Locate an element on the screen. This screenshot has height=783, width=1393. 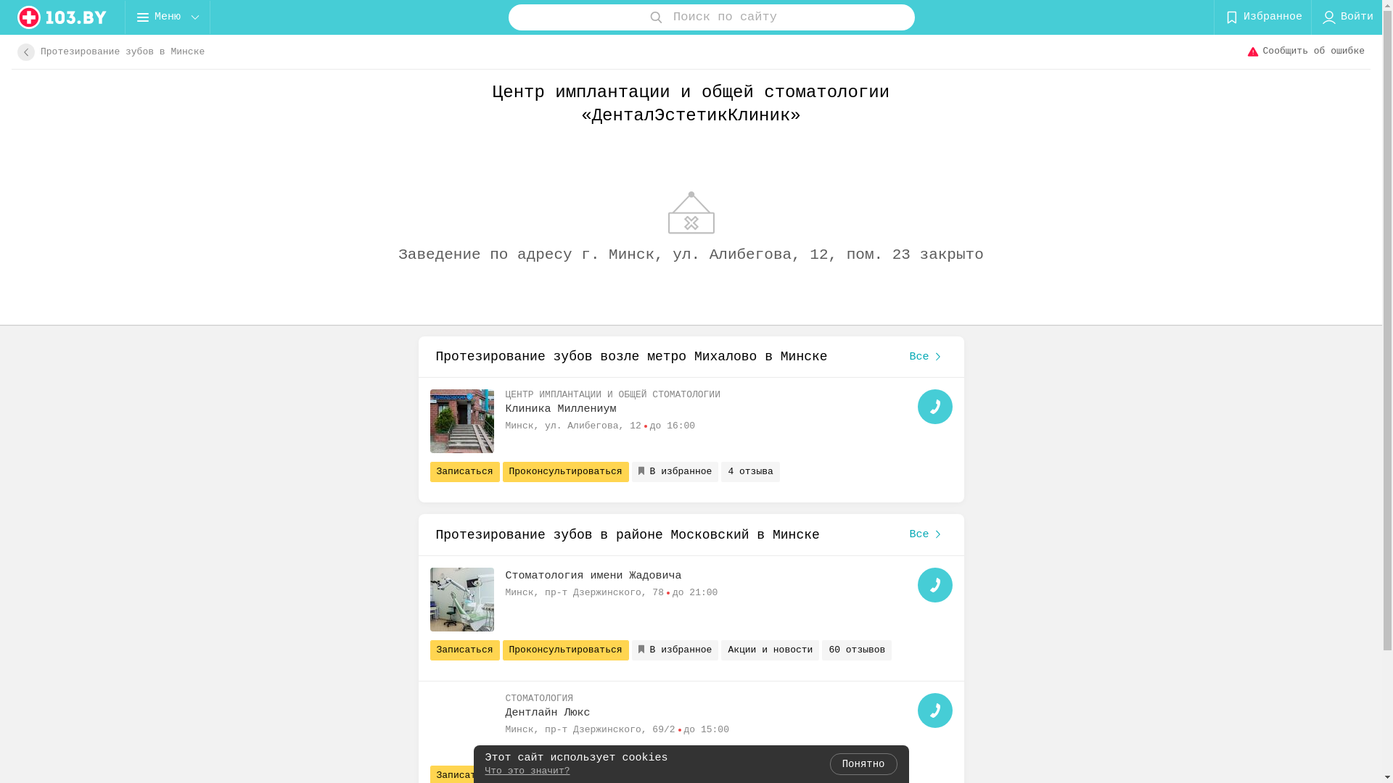
'logo' is located at coordinates (62, 17).